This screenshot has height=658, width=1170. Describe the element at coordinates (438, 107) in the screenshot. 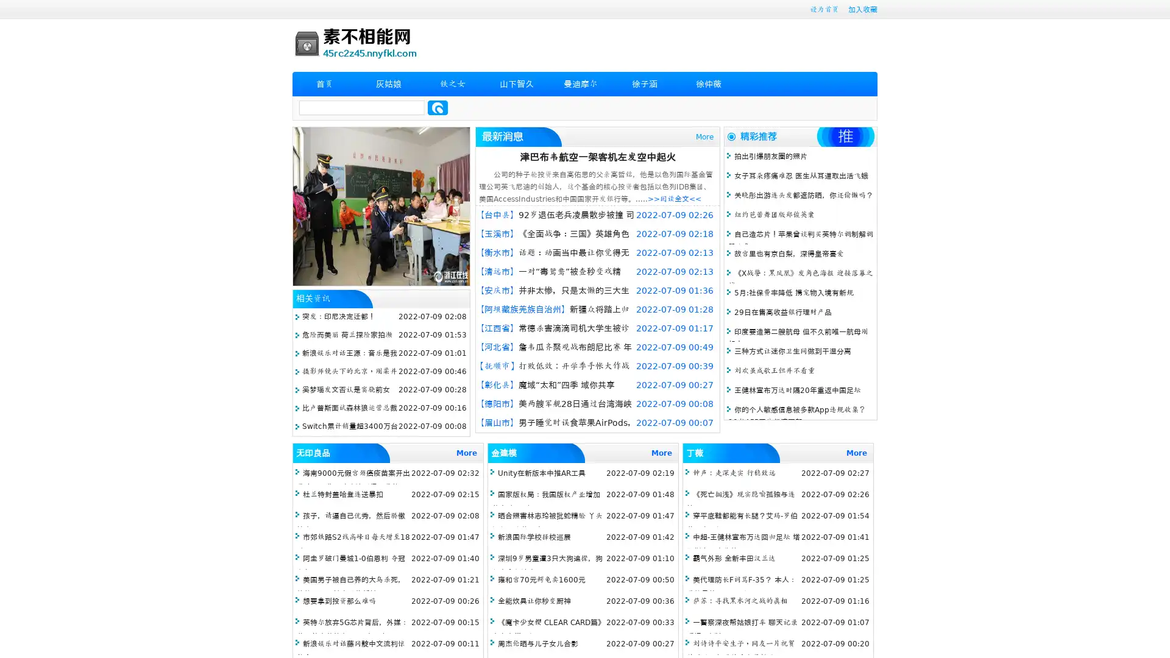

I see `Search` at that location.